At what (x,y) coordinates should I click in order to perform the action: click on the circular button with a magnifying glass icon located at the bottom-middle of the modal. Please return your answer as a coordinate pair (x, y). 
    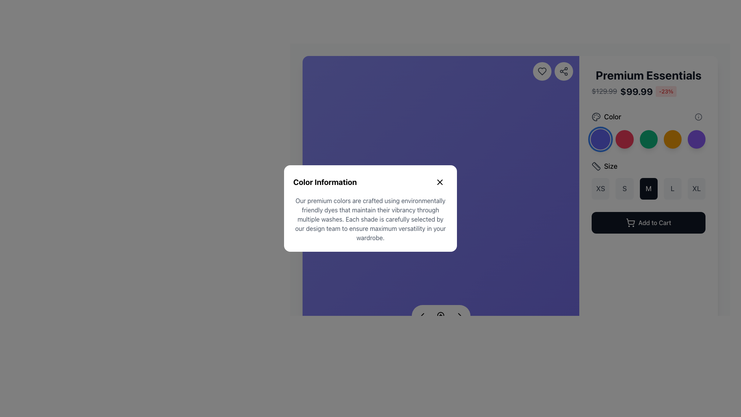
    Looking at the image, I should click on (441, 316).